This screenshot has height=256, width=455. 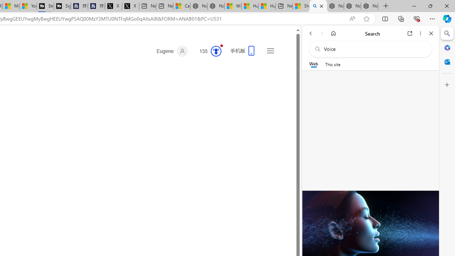 What do you see at coordinates (366, 18) in the screenshot?
I see `'Add this page to favorites (Ctrl+D)'` at bounding box center [366, 18].